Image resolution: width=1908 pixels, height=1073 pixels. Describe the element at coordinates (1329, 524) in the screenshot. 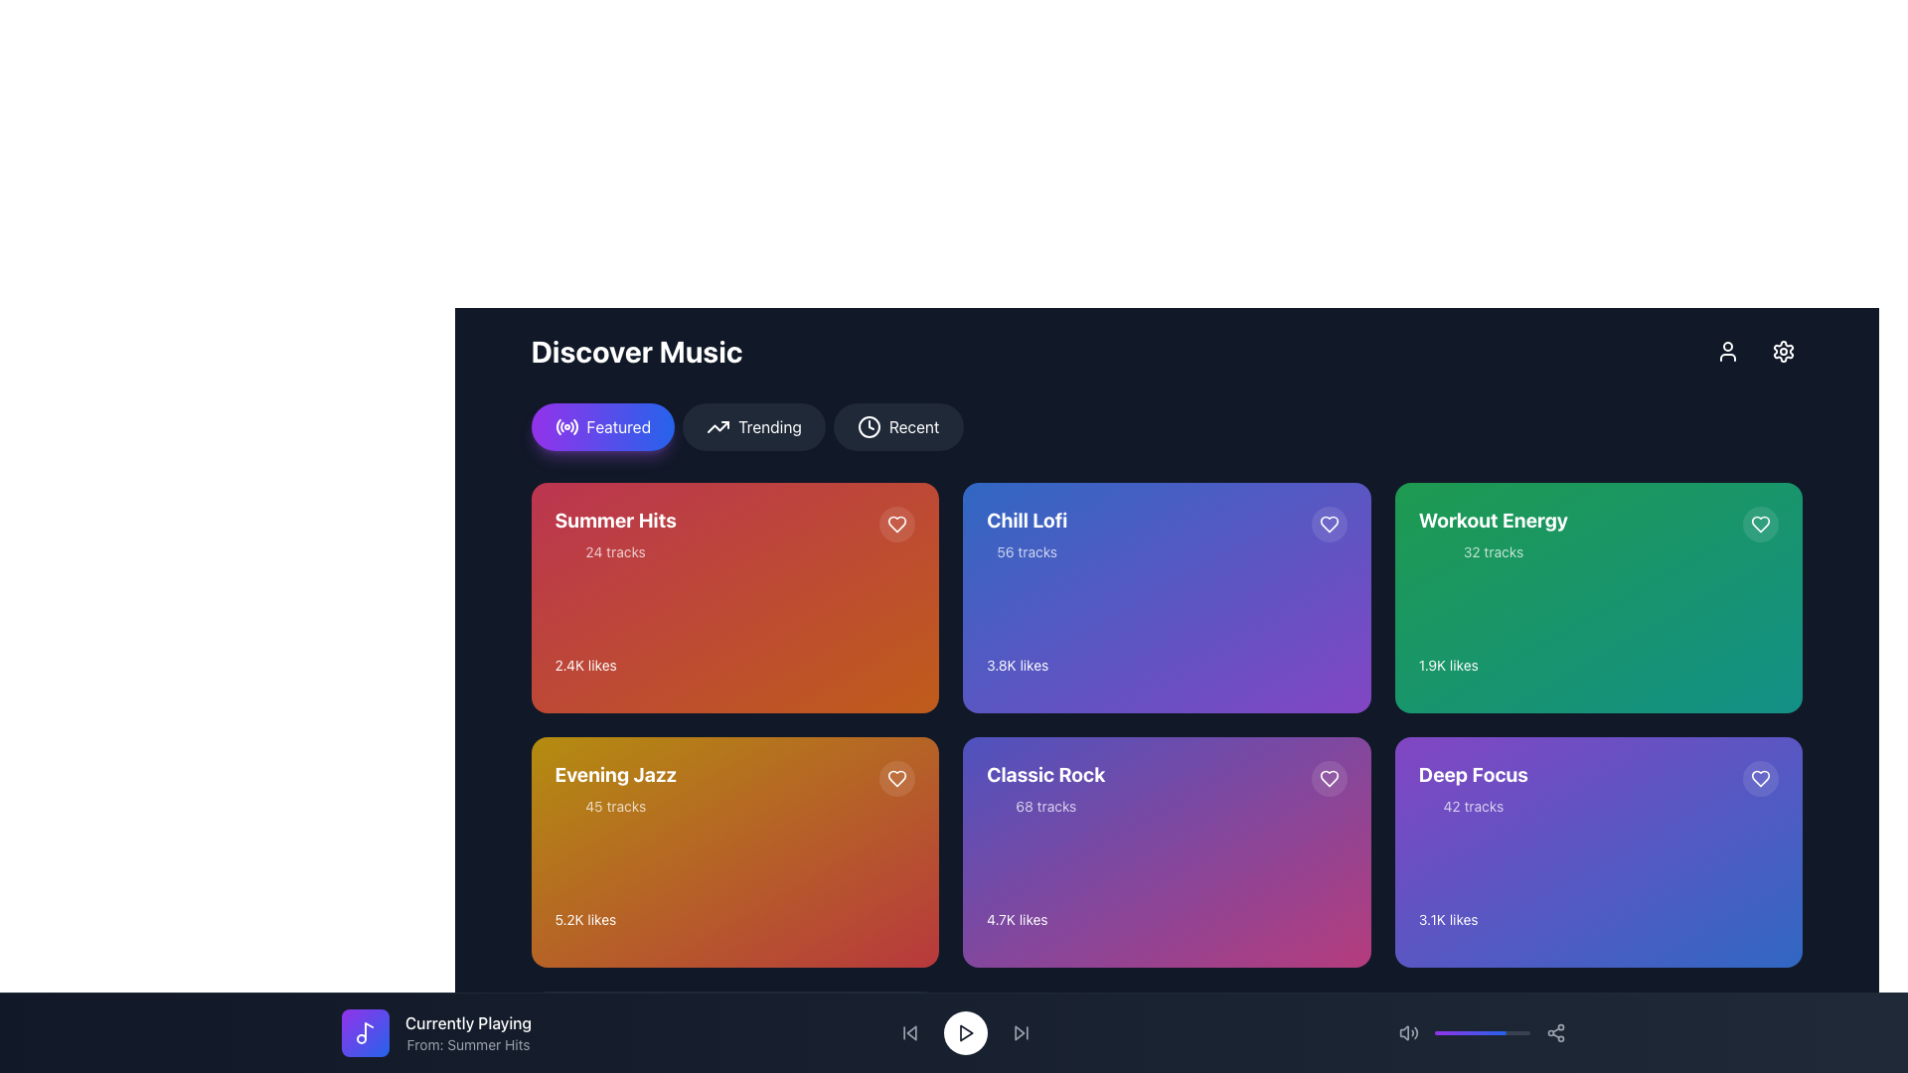

I see `the 'like' button icon located in the top-right corner of the 'Chill Lofi' music card` at that location.